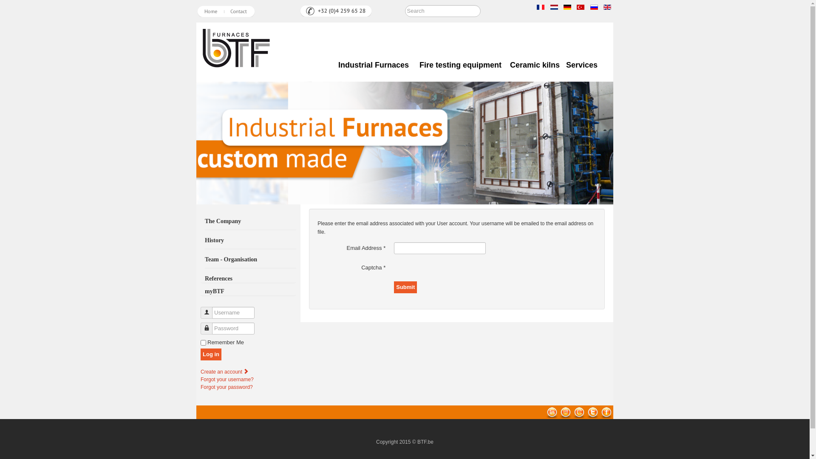 Image resolution: width=816 pixels, height=459 pixels. What do you see at coordinates (552, 411) in the screenshot?
I see `'linkedin'` at bounding box center [552, 411].